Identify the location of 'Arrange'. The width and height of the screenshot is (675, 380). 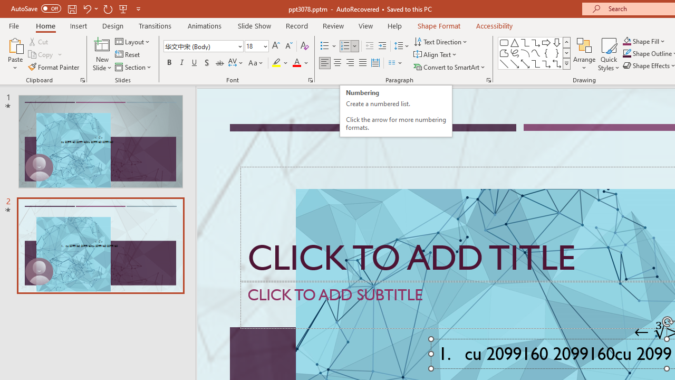
(584, 54).